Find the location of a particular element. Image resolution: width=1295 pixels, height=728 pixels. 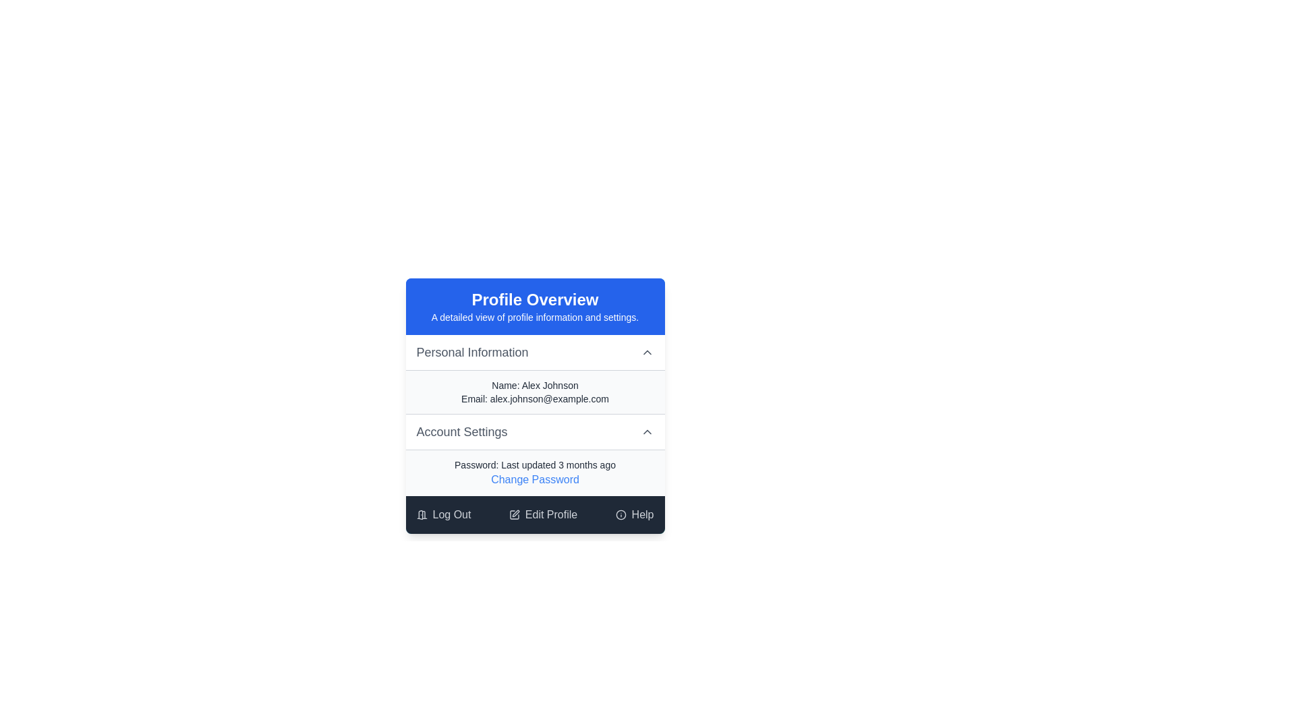

the 'Help' icon located in the dark footer of the profile overview card is located at coordinates (620, 514).